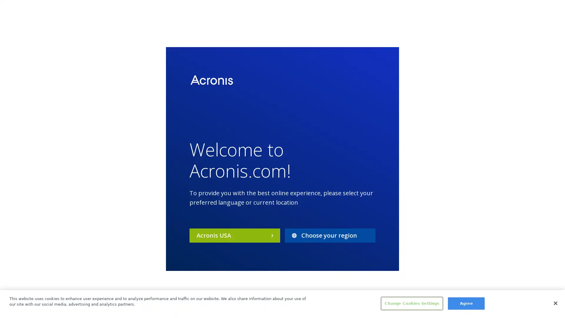  I want to click on Agree, so click(466, 303).